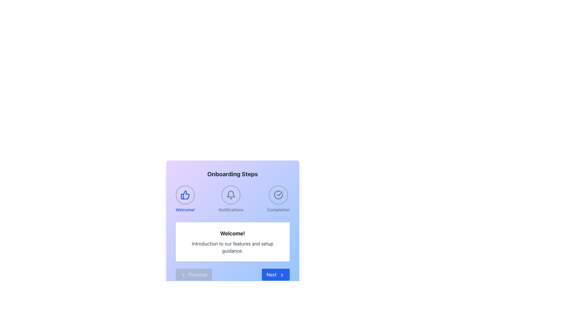  I want to click on the Grouped Navigation Indicators located at the top center of the interface, below the title 'Onboarding Steps', to get more information about the onboarding steps, so click(232, 199).